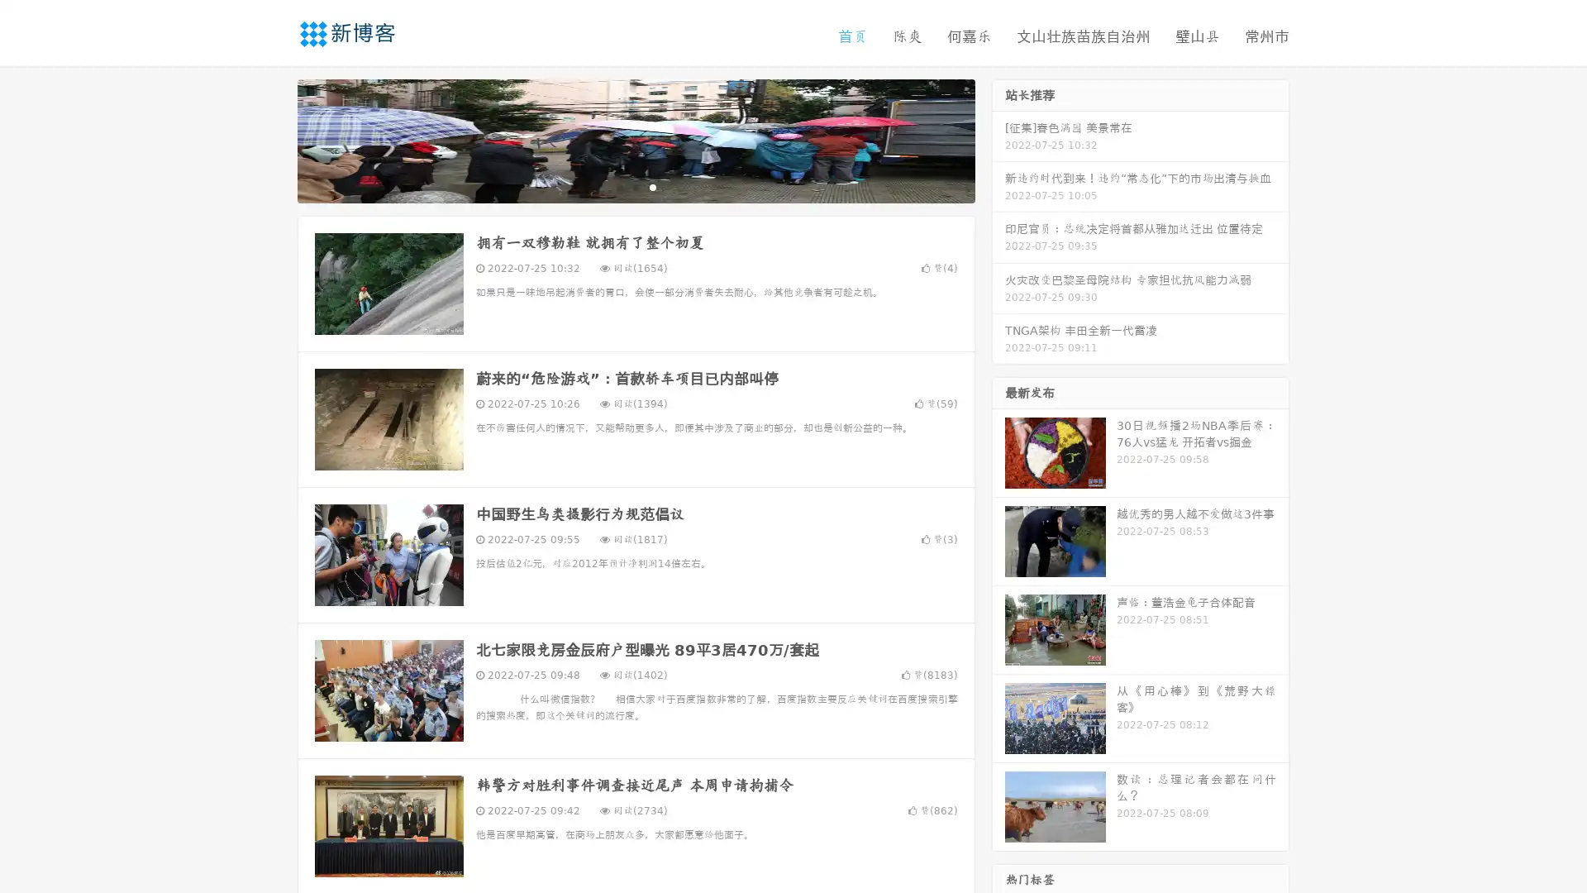 The image size is (1587, 893). What do you see at coordinates (618, 186) in the screenshot?
I see `Go to slide 1` at bounding box center [618, 186].